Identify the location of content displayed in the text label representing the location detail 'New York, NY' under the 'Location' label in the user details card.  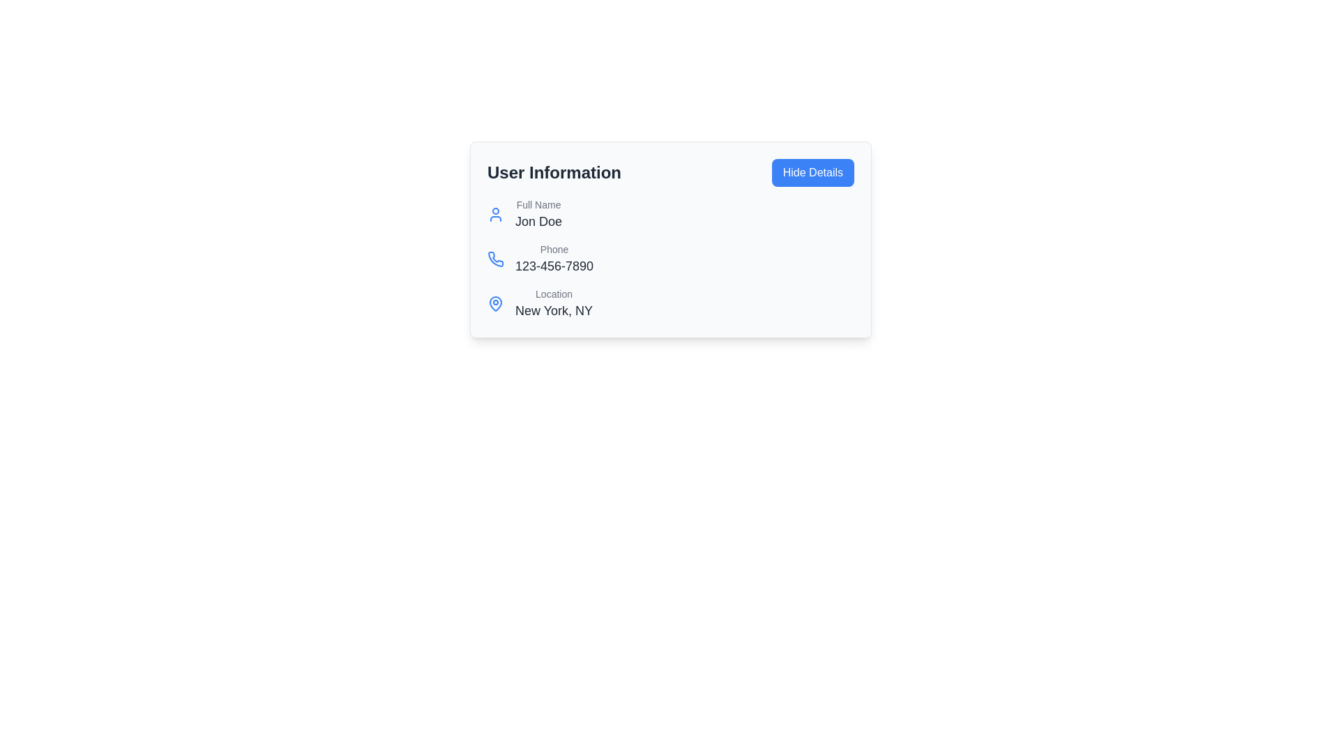
(553, 310).